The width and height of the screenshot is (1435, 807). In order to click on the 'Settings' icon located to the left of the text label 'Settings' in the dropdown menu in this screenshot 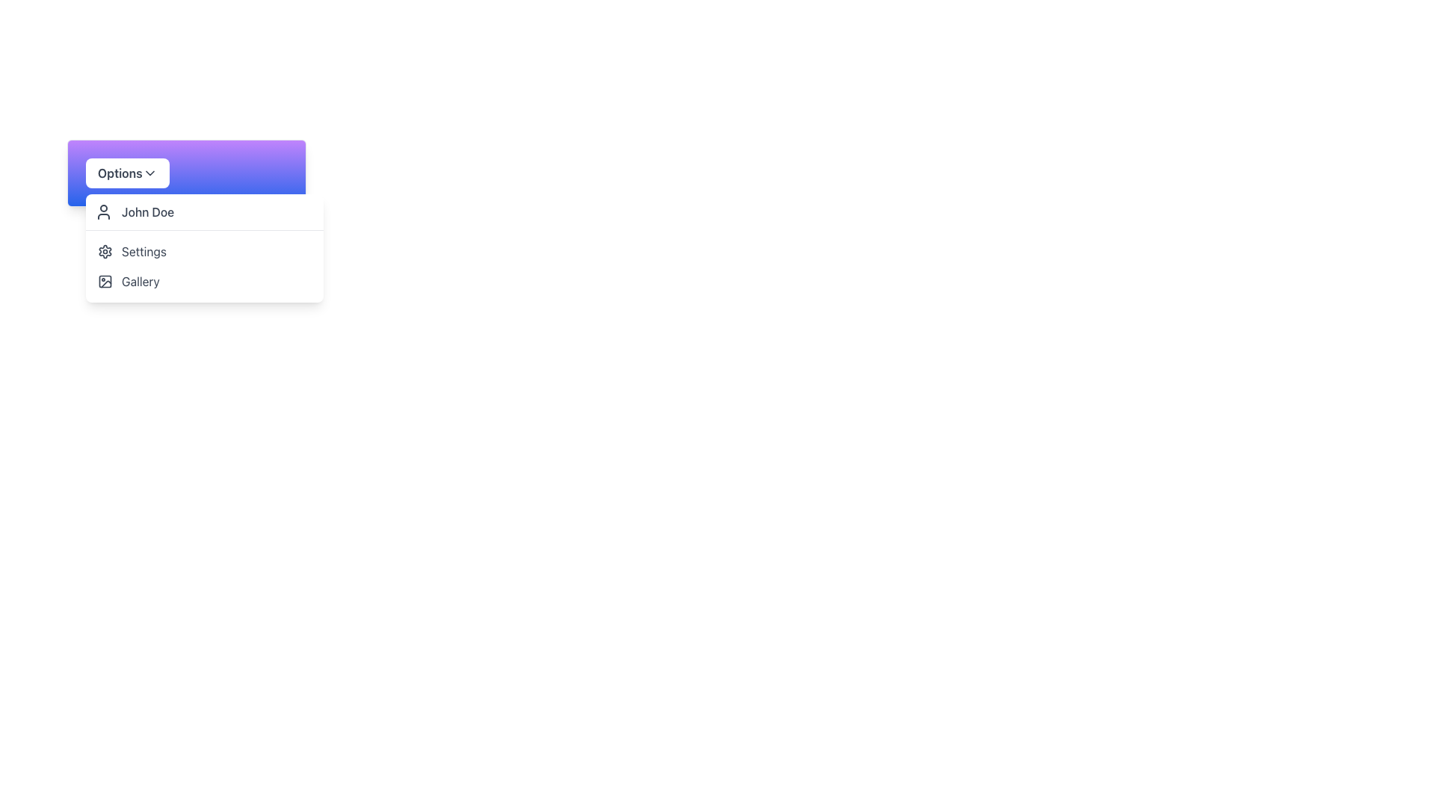, I will do `click(104, 250)`.